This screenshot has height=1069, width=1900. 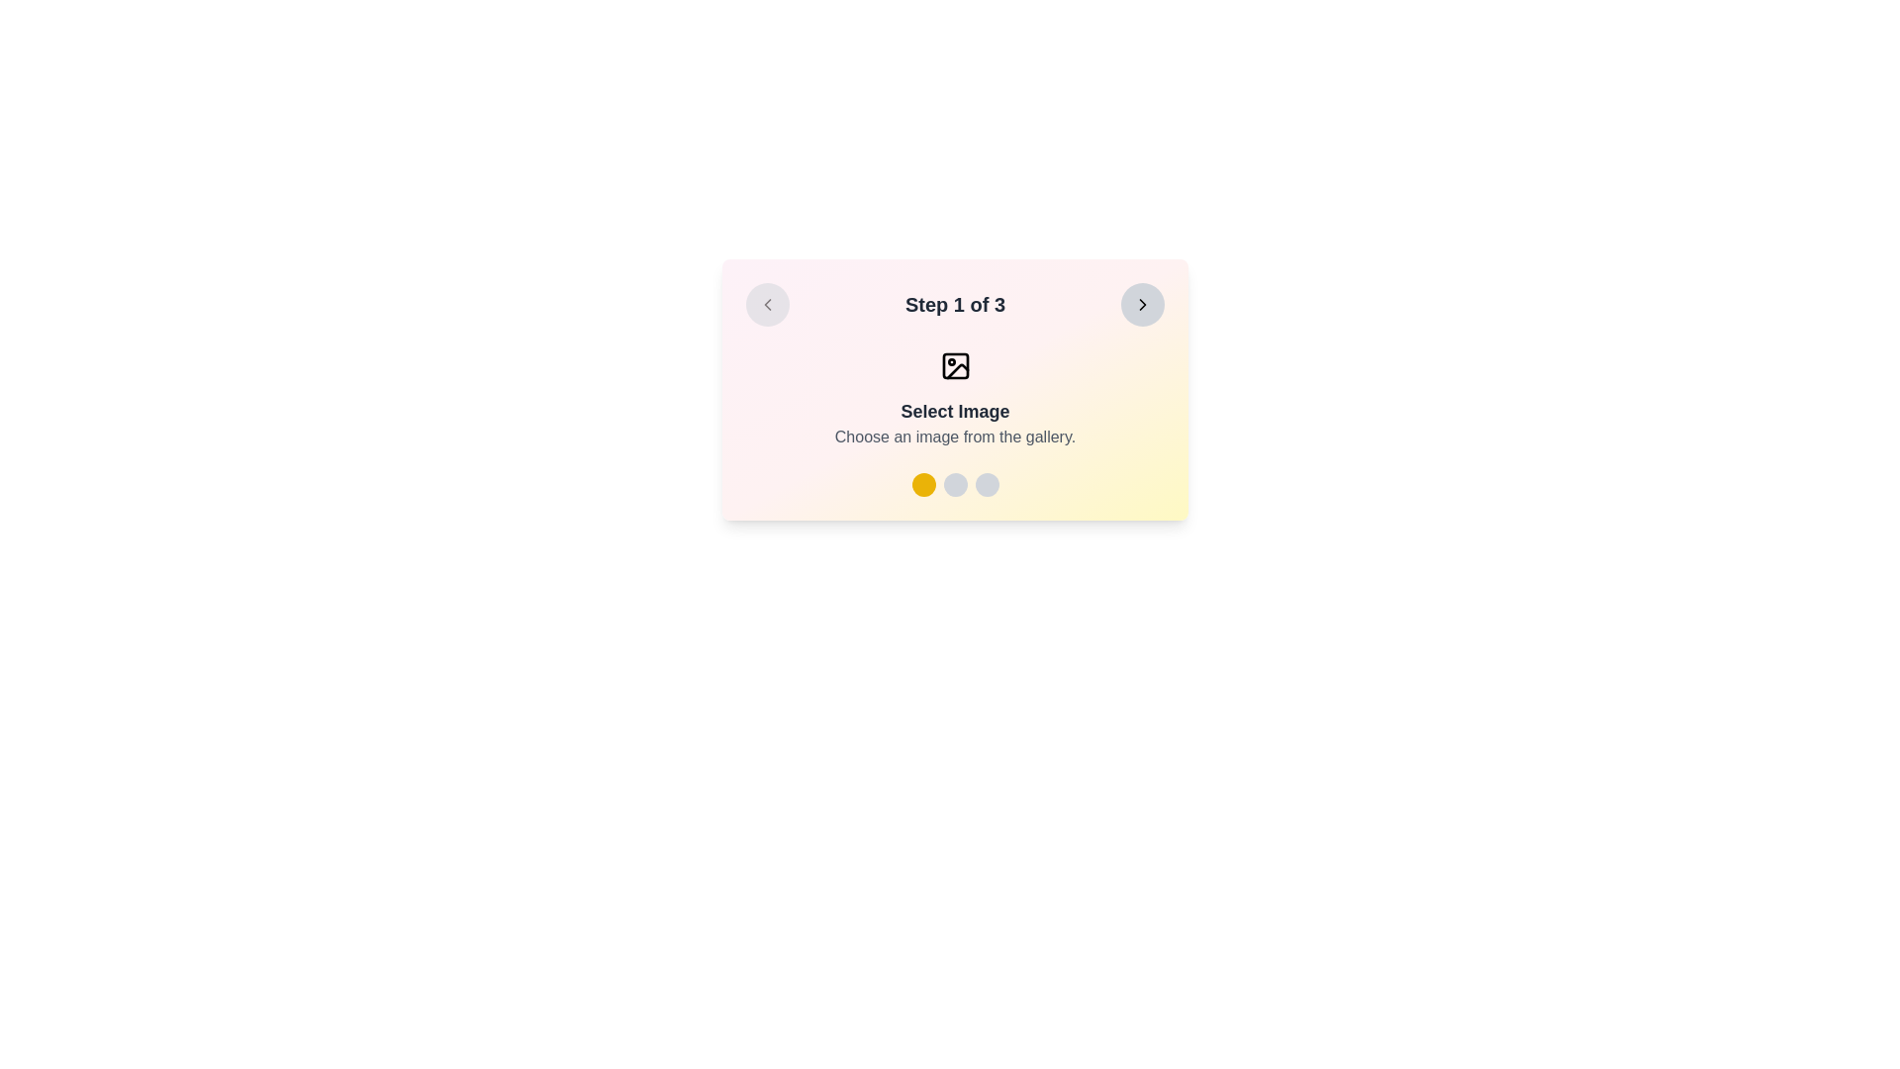 What do you see at coordinates (987, 484) in the screenshot?
I see `the third circular icon at the bottom-center of the card, which serves as an indicator or selection tool, following a yellow icon and a gray icon` at bounding box center [987, 484].